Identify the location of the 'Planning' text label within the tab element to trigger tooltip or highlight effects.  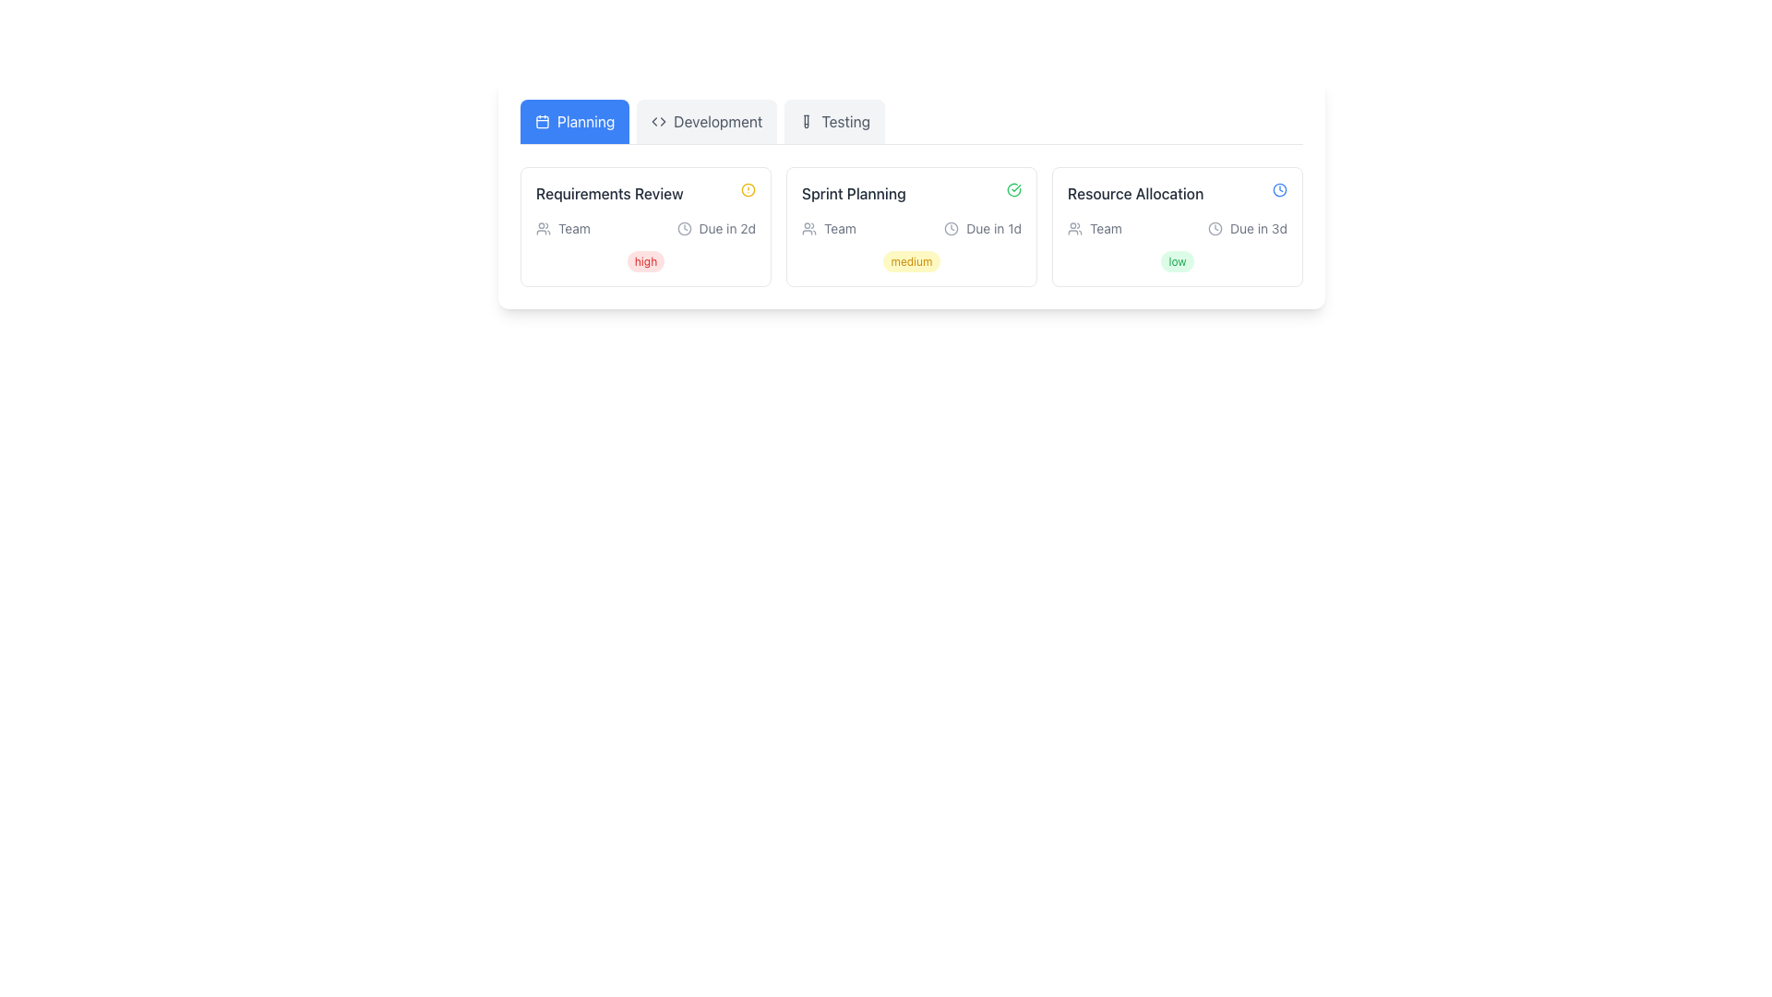
(585, 121).